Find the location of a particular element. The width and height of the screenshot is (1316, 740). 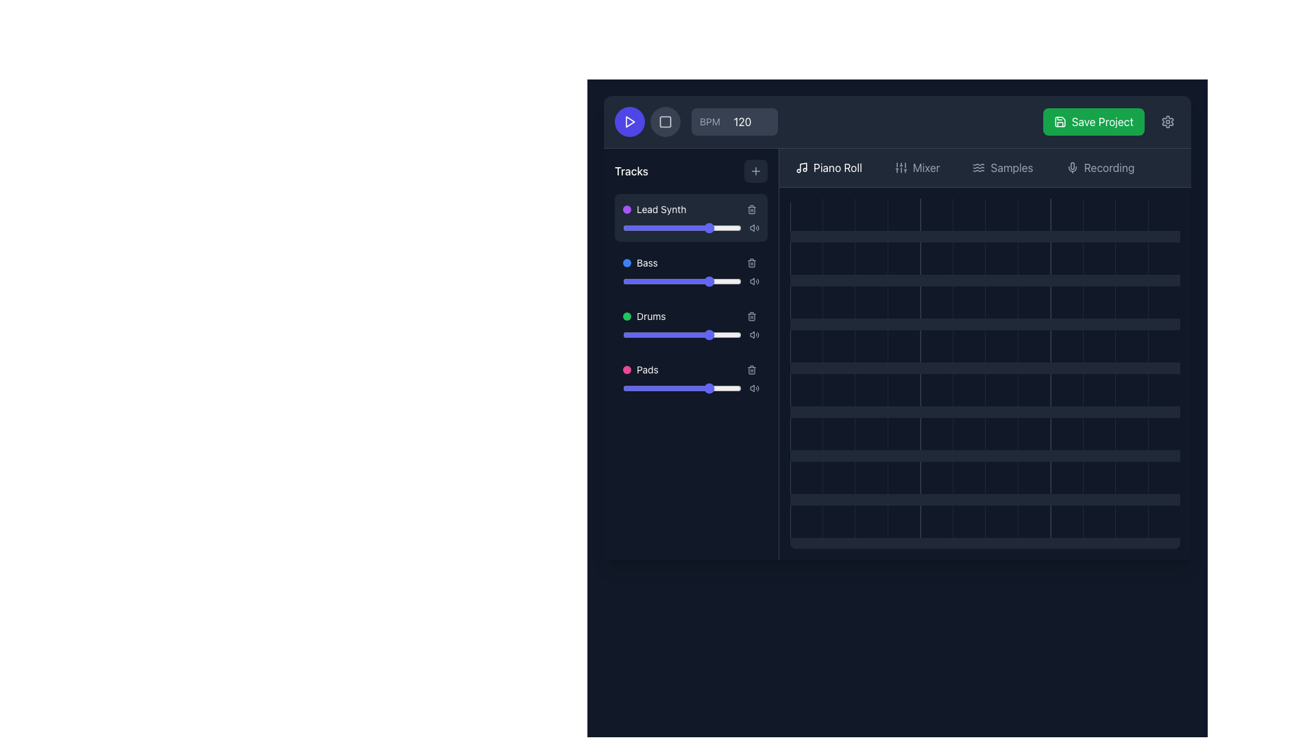

the trash can icon button located on the right side of the 'Pads' track row to observe the color transition effect from gray to white is located at coordinates (751, 370).